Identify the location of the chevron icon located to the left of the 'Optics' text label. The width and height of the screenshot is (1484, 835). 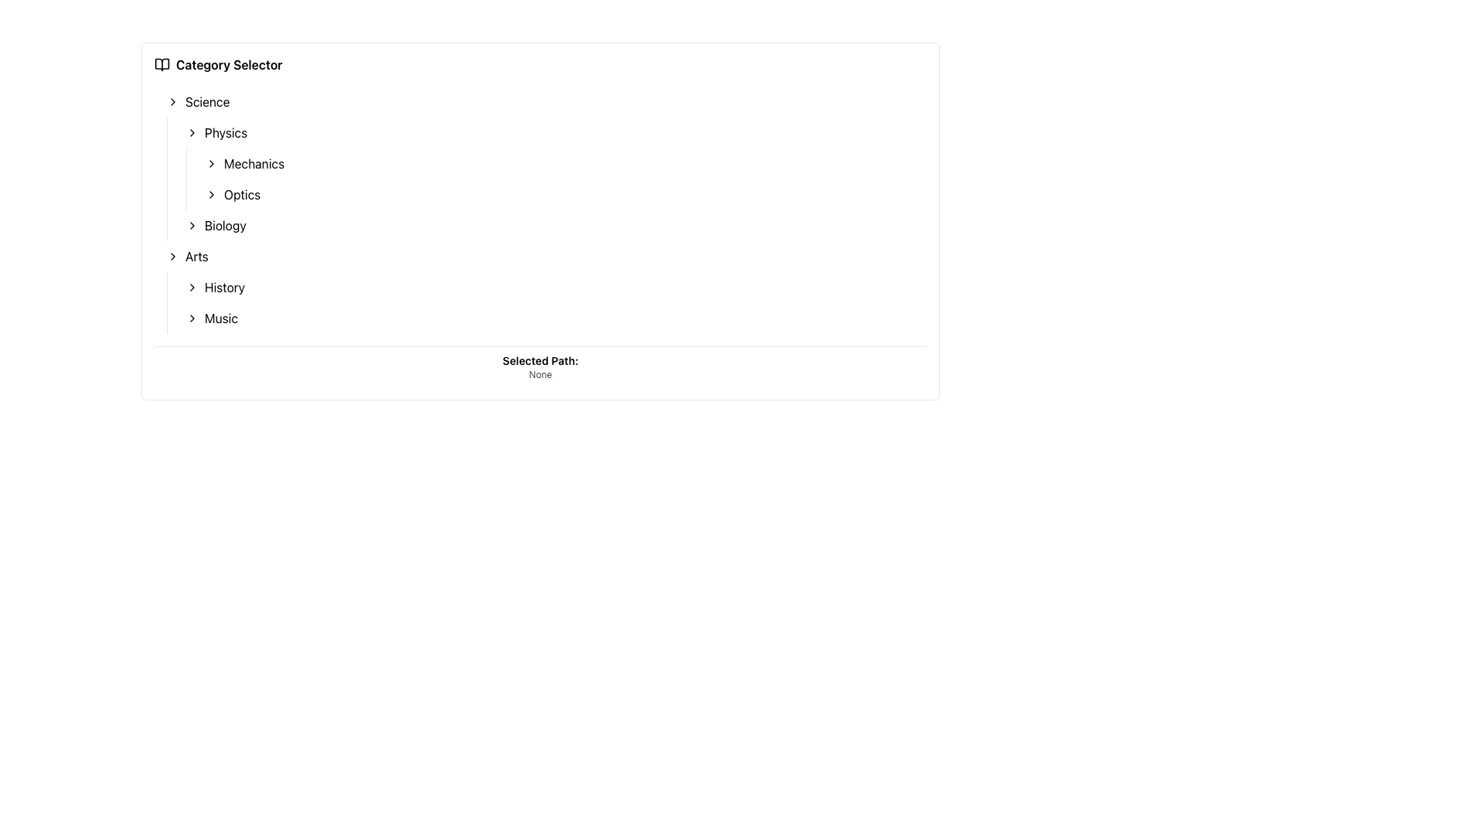
(210, 193).